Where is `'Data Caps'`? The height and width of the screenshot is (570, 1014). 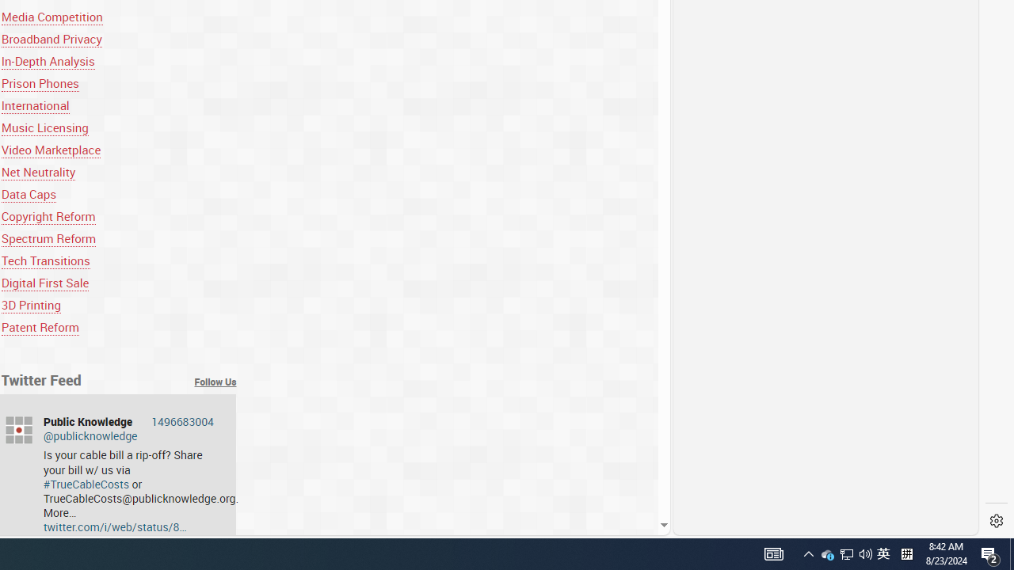
'Data Caps' is located at coordinates (29, 193).